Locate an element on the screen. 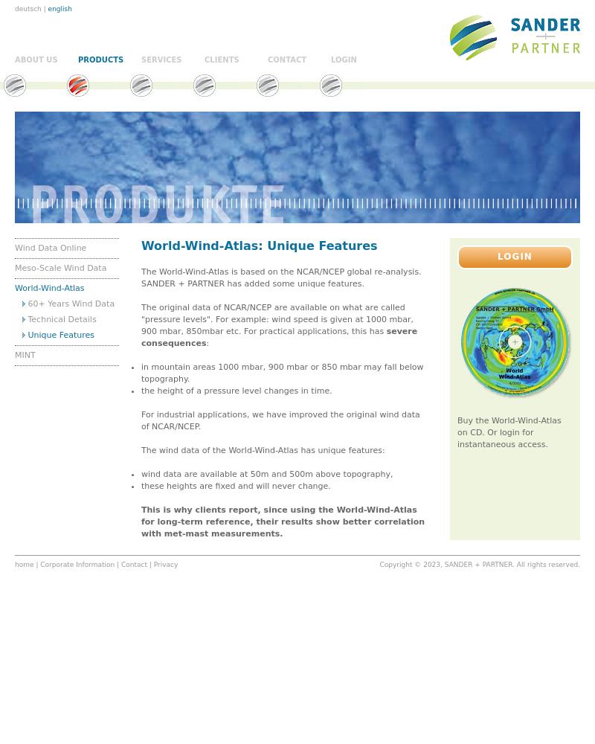 This screenshot has height=744, width=595. 'The wind data of the World-Wind-Atlas has unique features:' is located at coordinates (263, 449).